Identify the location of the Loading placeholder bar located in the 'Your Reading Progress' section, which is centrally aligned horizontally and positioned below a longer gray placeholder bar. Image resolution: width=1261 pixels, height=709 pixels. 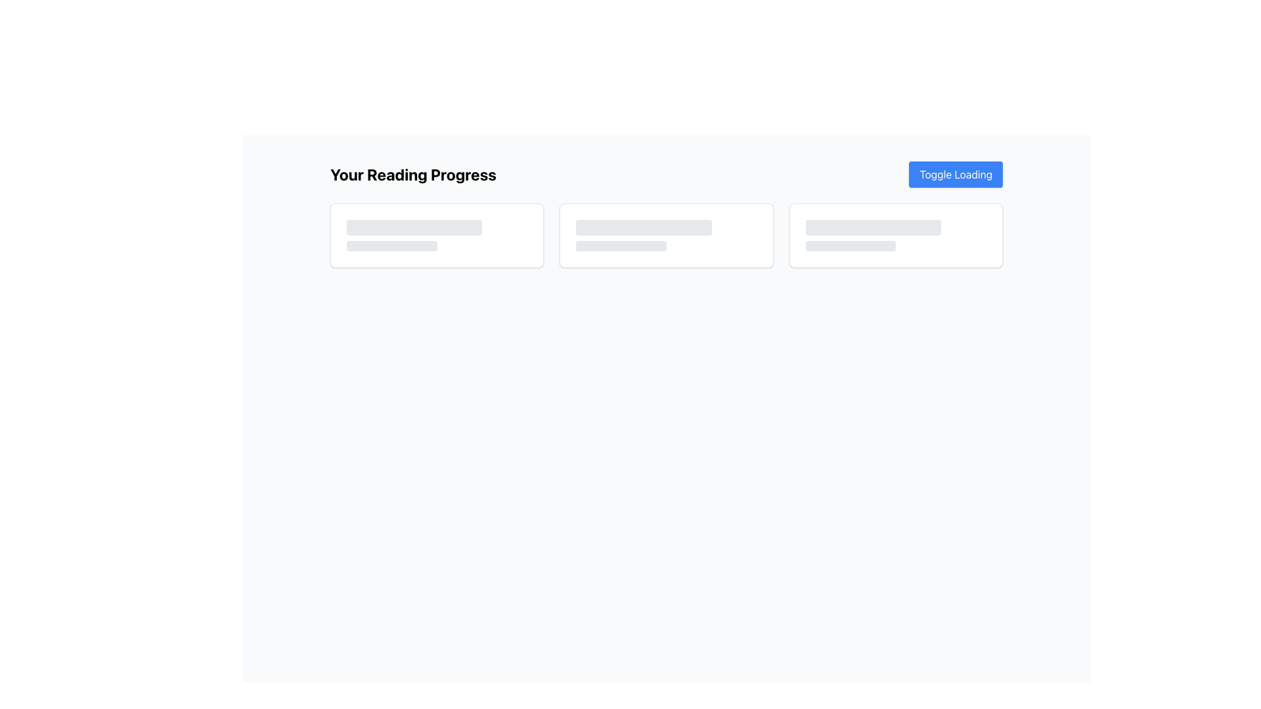
(391, 246).